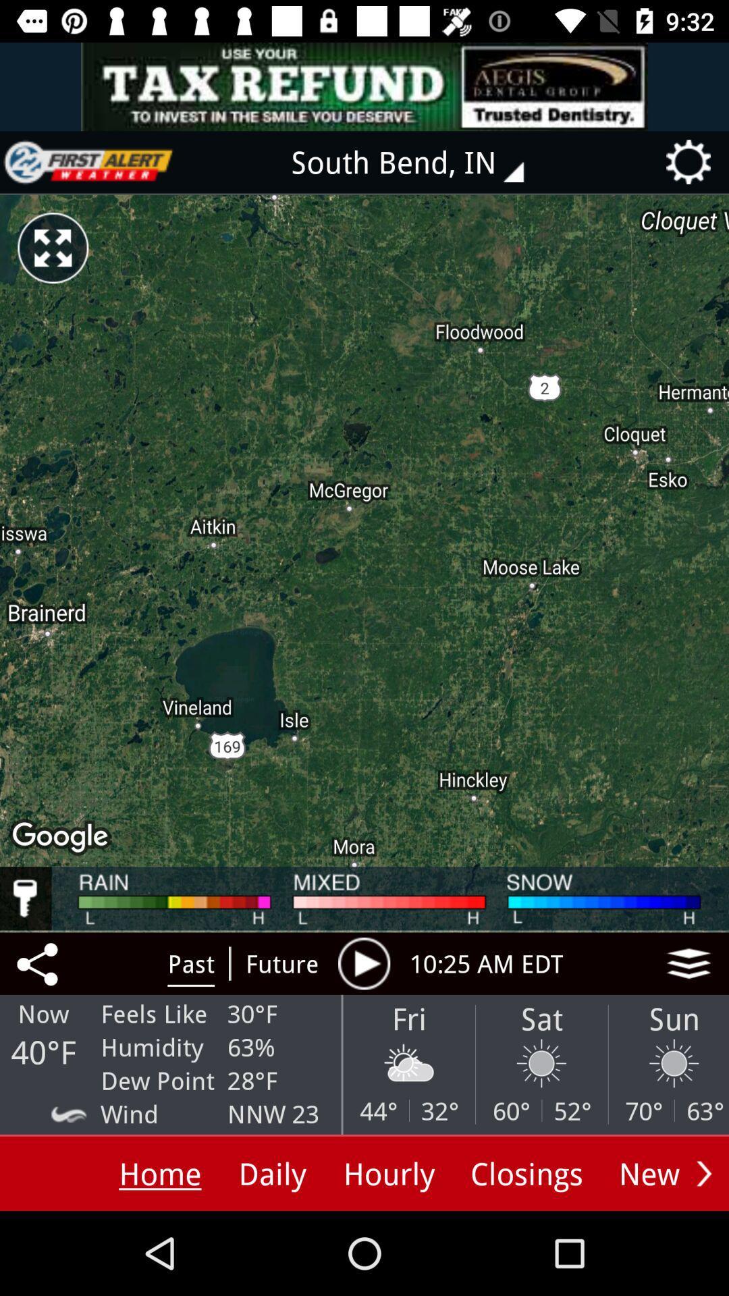  I want to click on advertisement, so click(88, 162).